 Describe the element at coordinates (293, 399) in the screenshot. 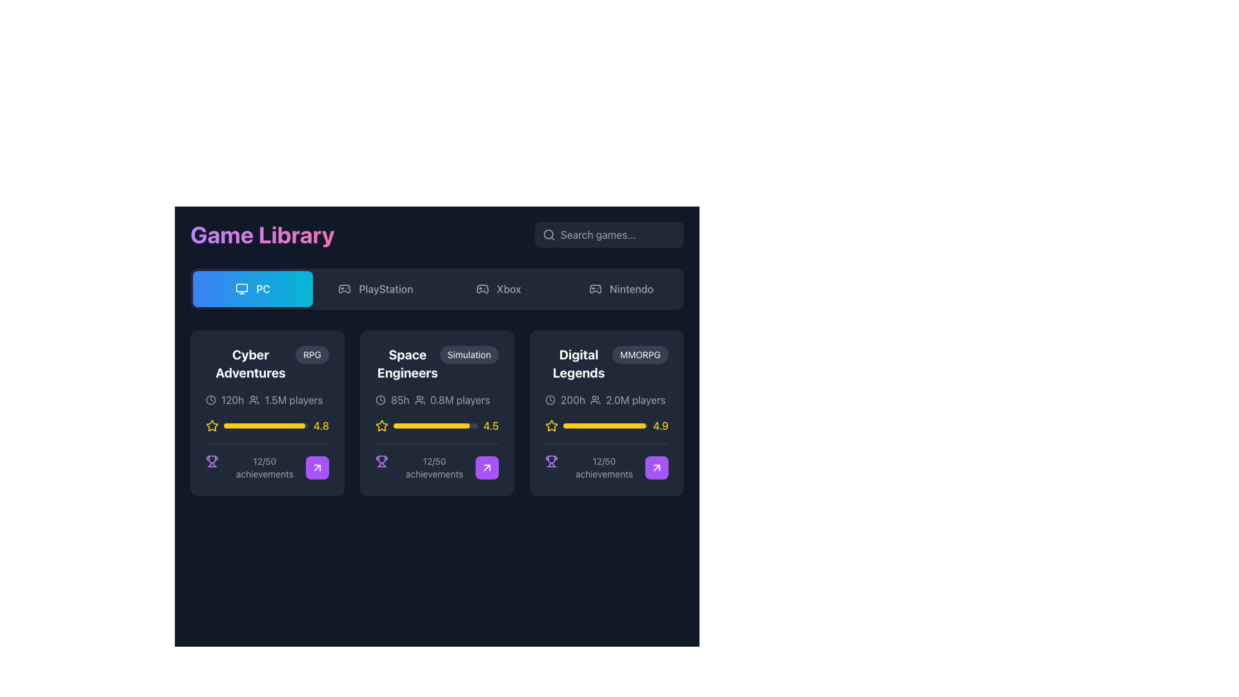

I see `the text label displaying '1.5M players' located in the lower-left section of the 'Cyber Adventures' card within the 'Game Library' grid layout` at that location.